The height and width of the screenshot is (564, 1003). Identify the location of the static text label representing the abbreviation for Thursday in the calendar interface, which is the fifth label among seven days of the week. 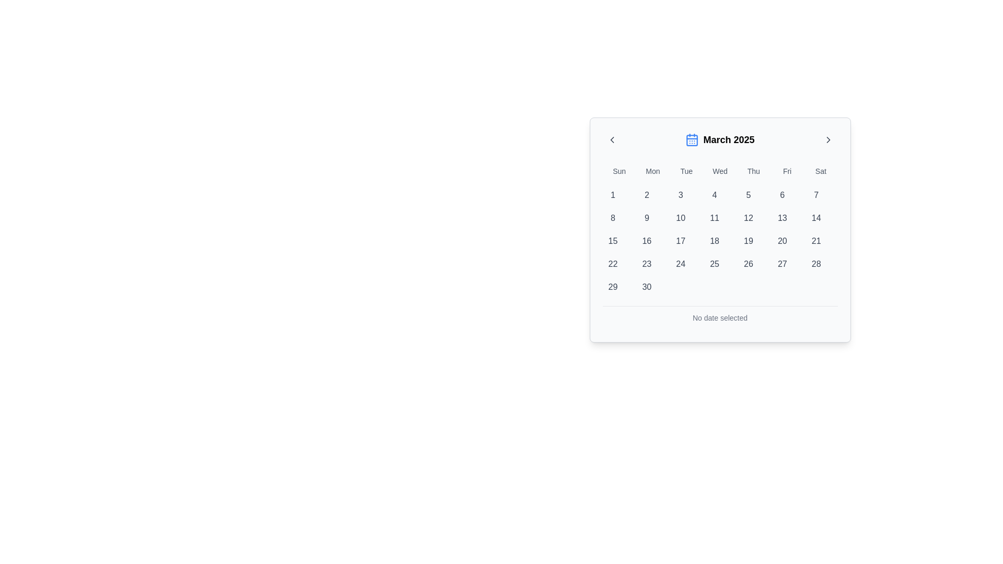
(753, 170).